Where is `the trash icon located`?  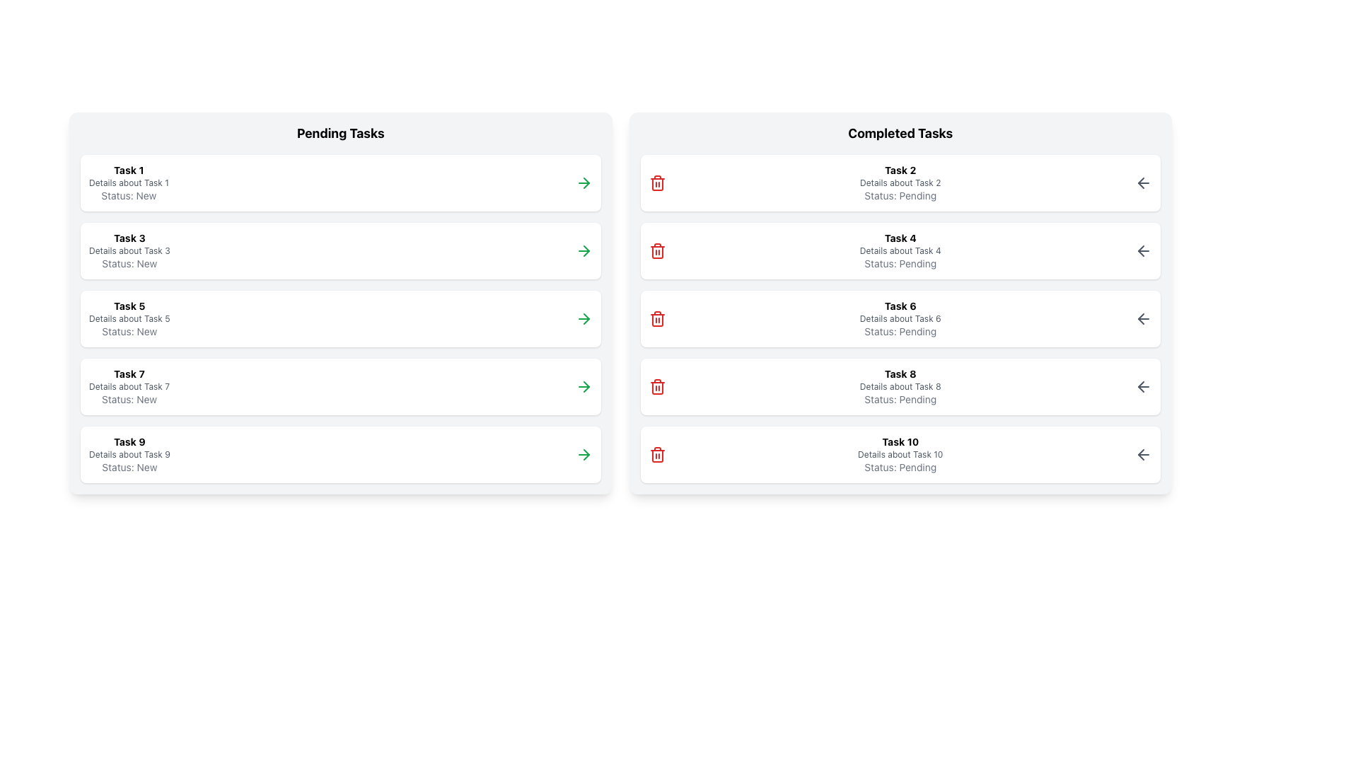
the trash icon located is located at coordinates (656, 182).